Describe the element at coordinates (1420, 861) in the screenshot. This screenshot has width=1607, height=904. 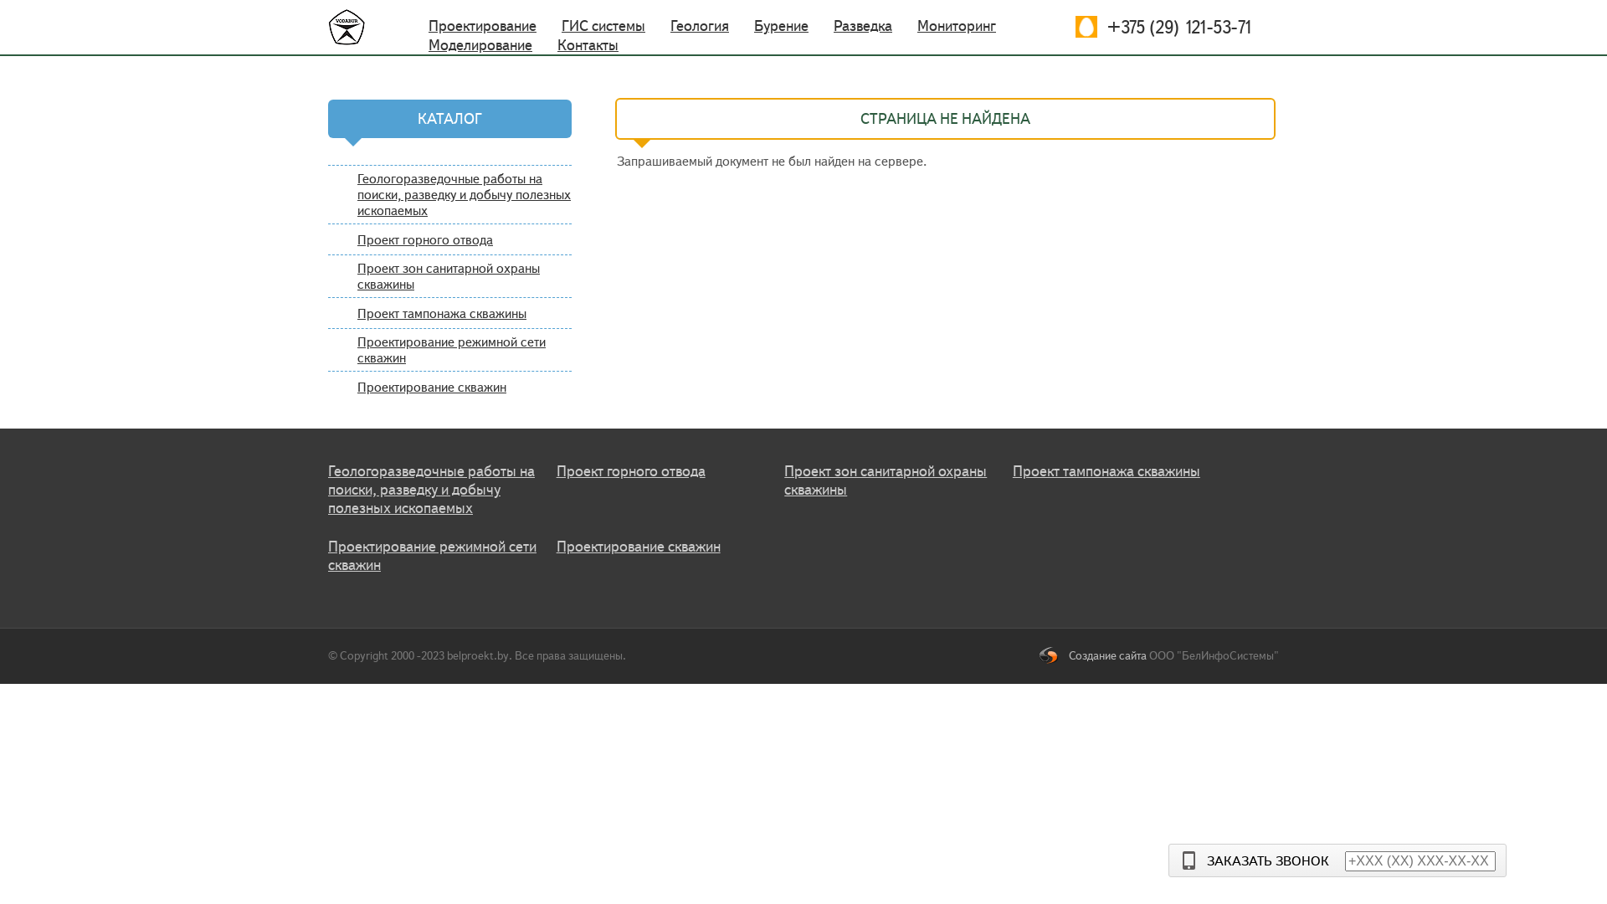
I see `'+XXX (XX) XXX-XX-XX'` at that location.